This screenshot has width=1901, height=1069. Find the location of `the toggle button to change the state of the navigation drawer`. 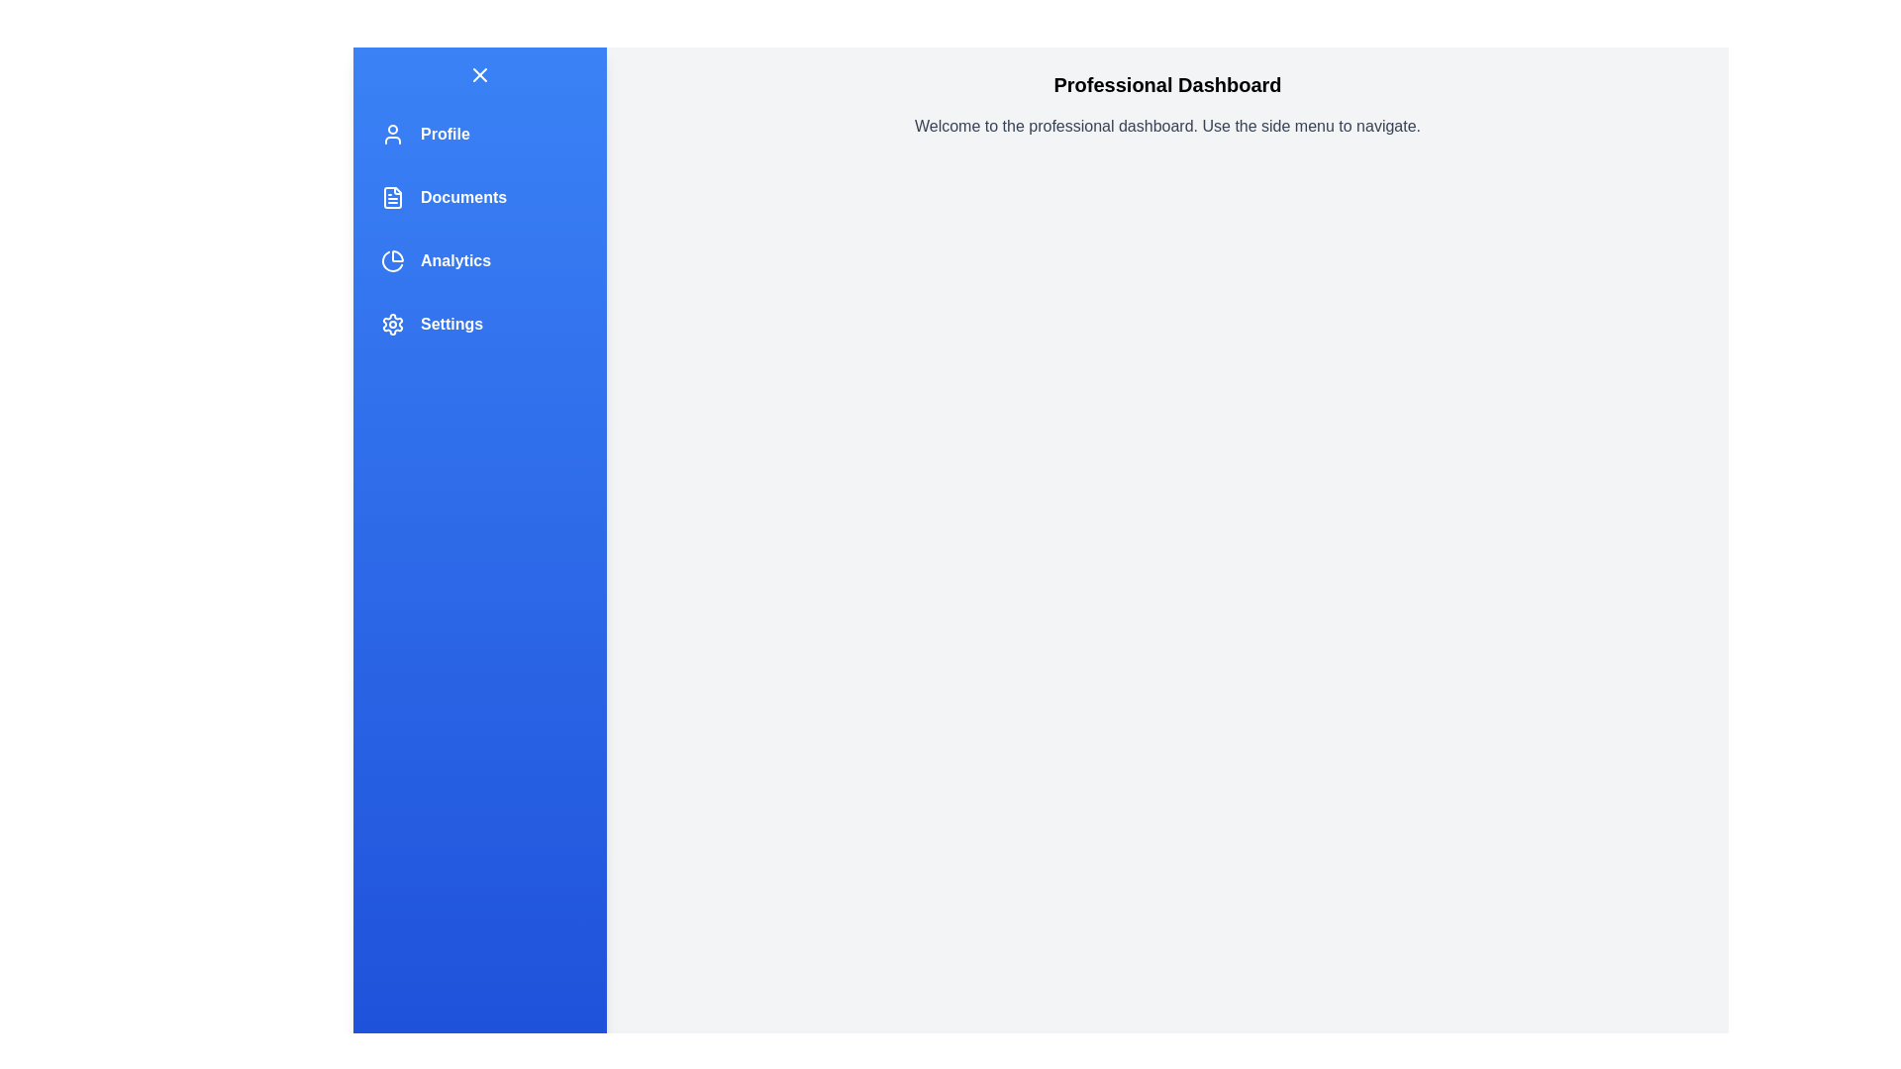

the toggle button to change the state of the navigation drawer is located at coordinates (479, 74).